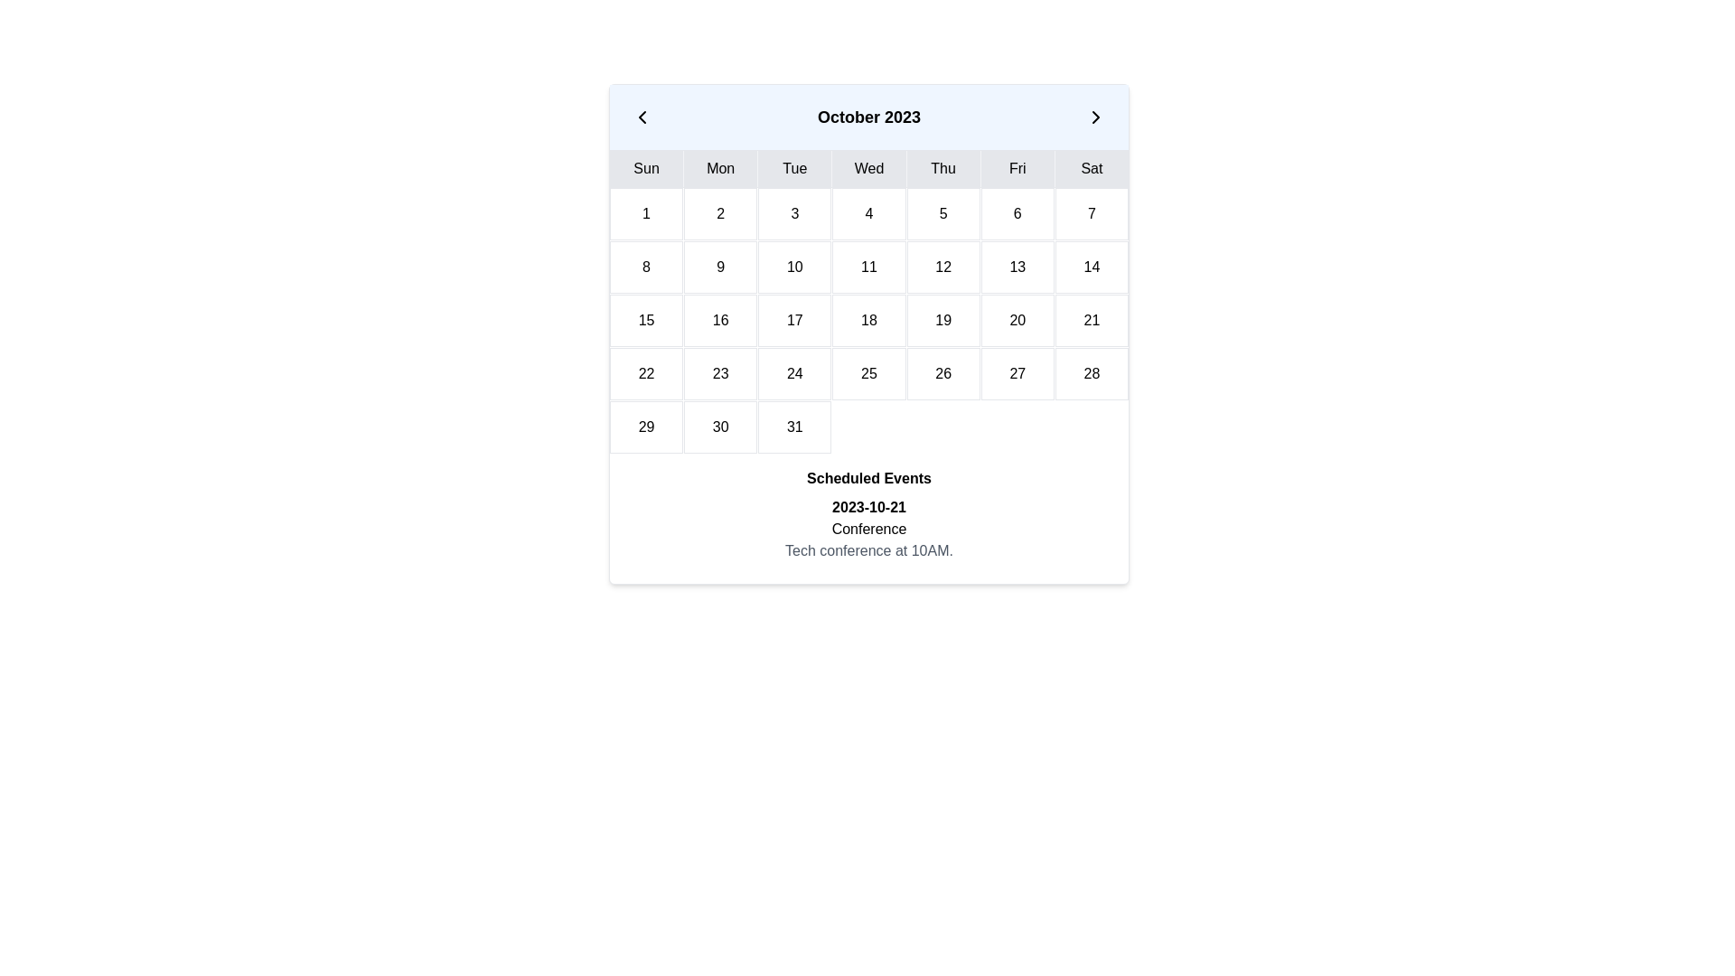  Describe the element at coordinates (868, 529) in the screenshot. I see `the composite text display area showing '2023-10-21', 'Conference', and 'Tech conference at 10AM.'` at that location.